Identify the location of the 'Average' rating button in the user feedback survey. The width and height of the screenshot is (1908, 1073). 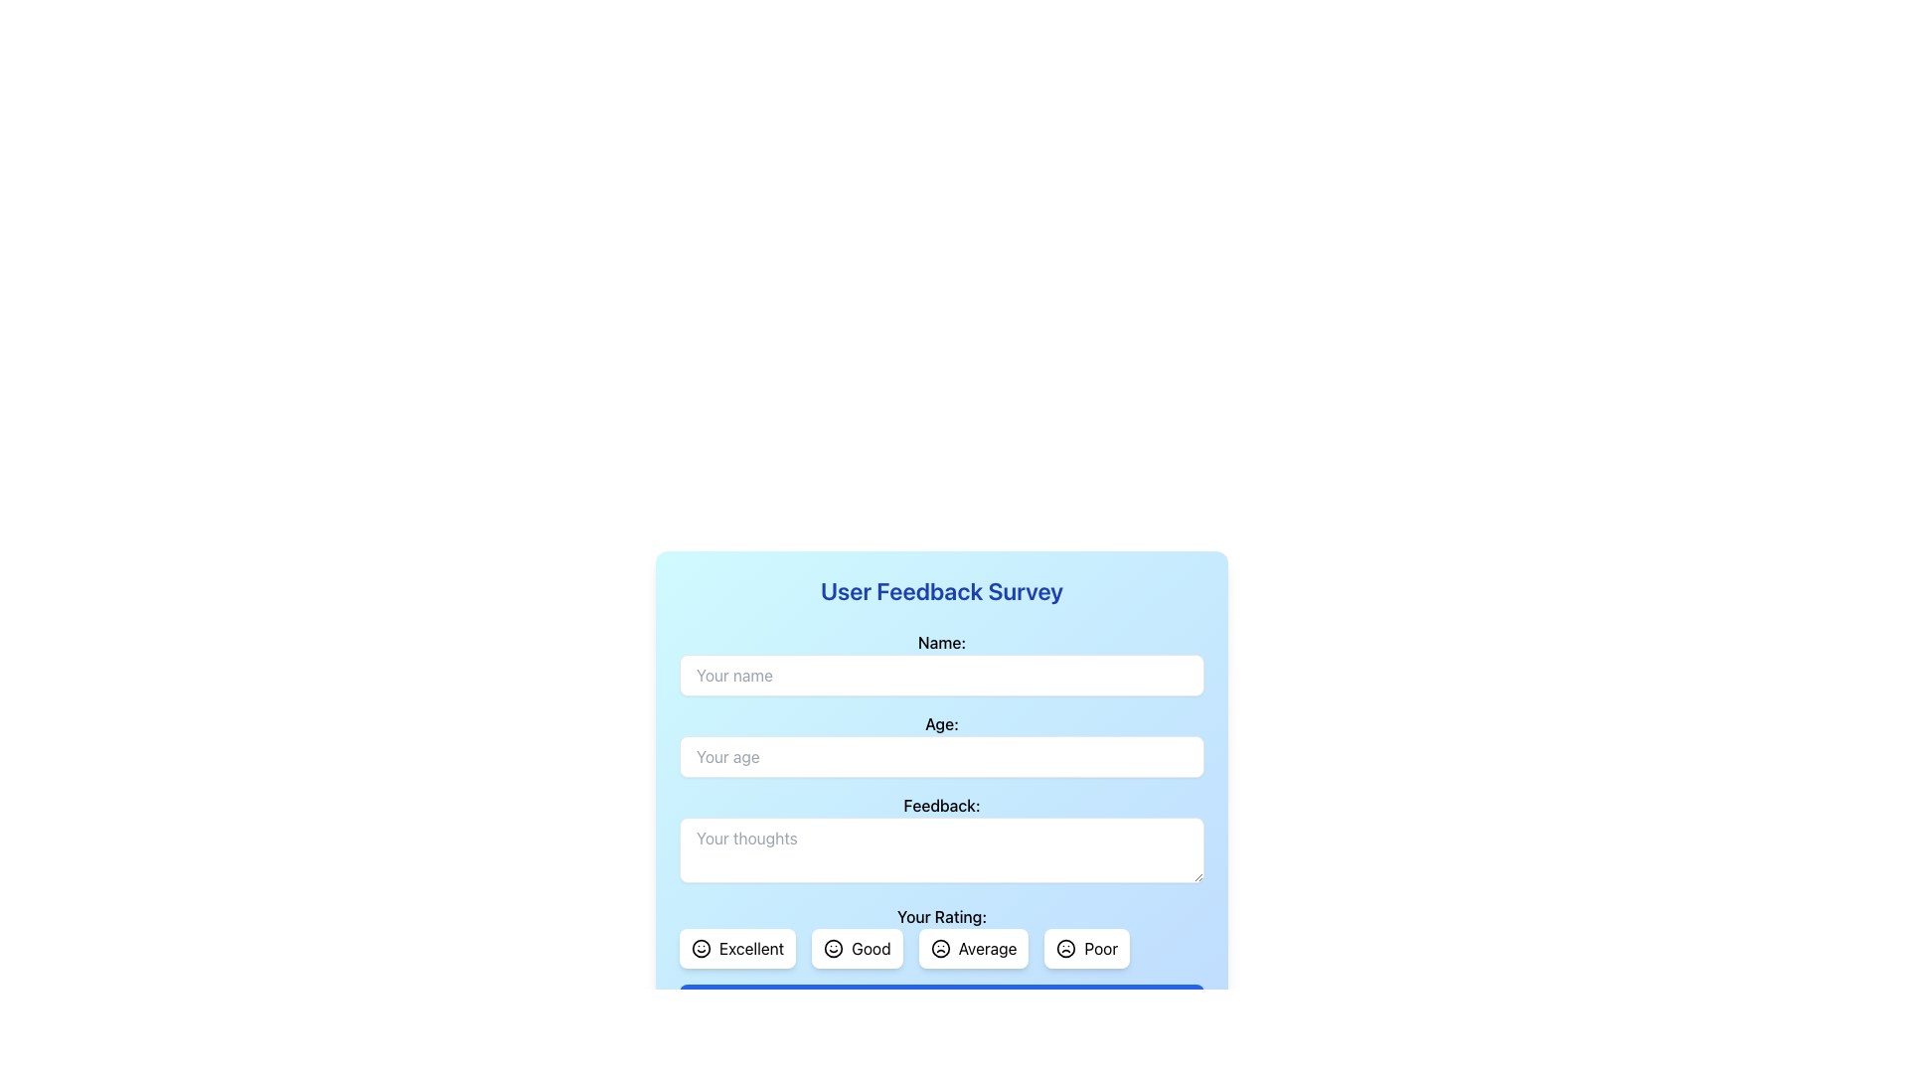
(987, 948).